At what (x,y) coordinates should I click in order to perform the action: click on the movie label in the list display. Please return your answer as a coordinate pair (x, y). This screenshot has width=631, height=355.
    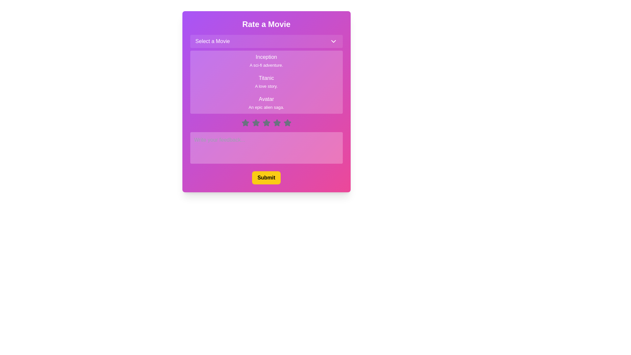
    Looking at the image, I should click on (266, 82).